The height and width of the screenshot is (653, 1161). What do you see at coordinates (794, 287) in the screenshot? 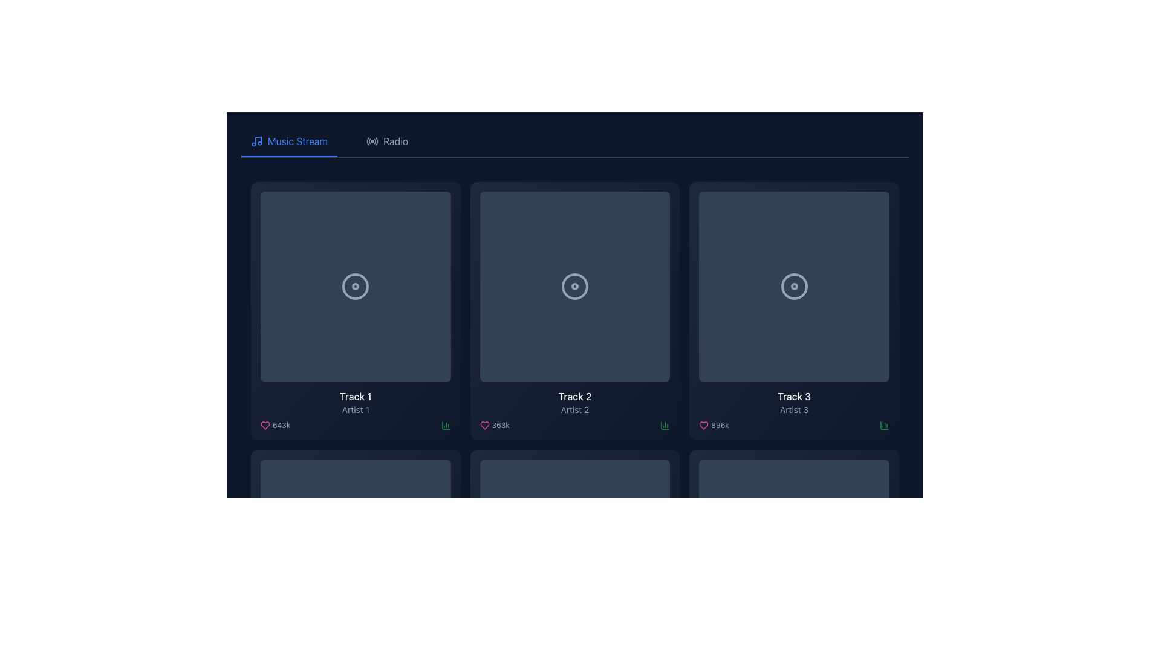
I see `the image placeholder or button representing 'Track 3' and 'Artist 3'` at bounding box center [794, 287].